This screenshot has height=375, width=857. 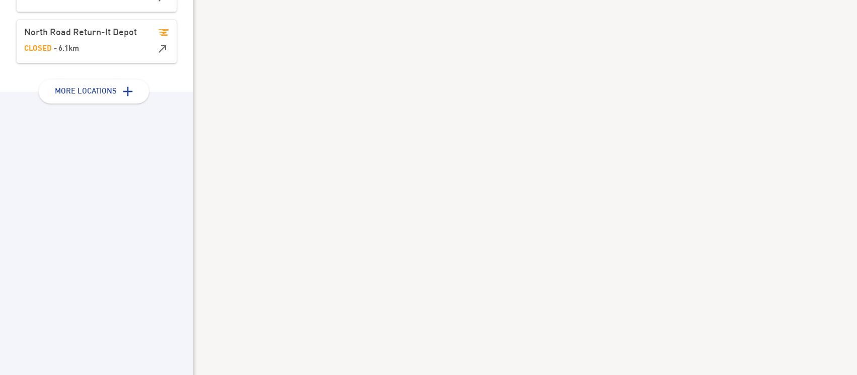 I want to click on 'Alcohol Bag-in-a-Box', so click(x=352, y=143).